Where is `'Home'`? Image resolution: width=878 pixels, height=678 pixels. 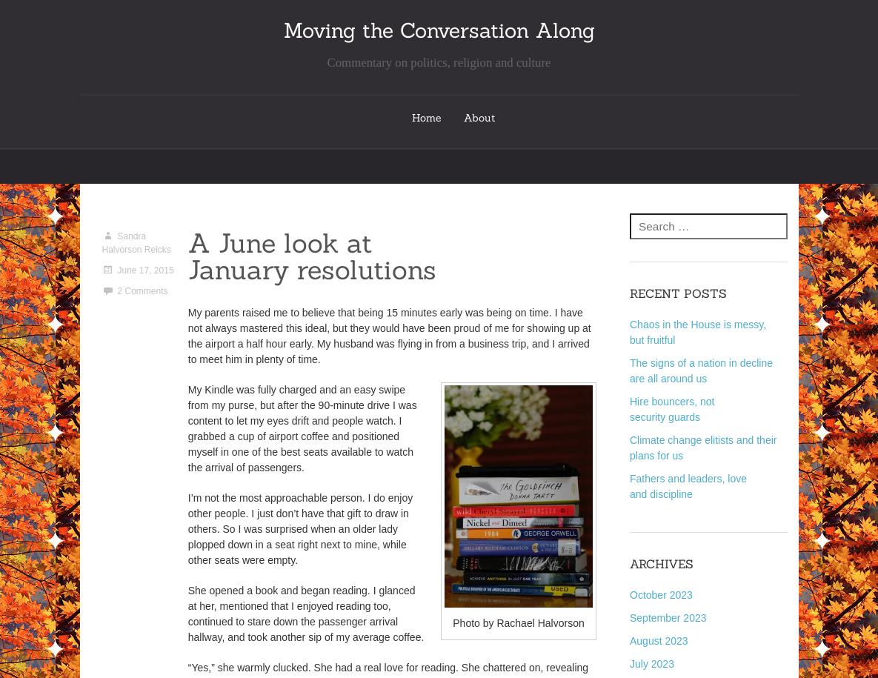 'Home' is located at coordinates (426, 117).